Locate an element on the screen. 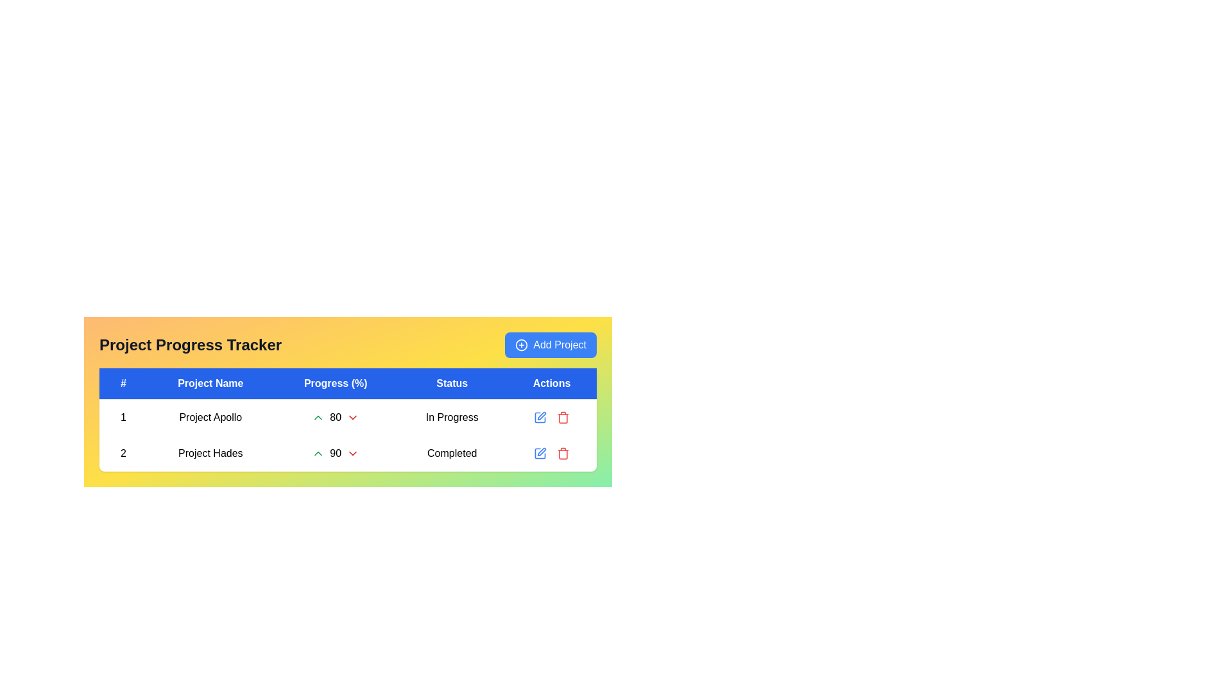 The image size is (1232, 693). the blue pencil icon in the 'Actions' column of the 'Project Progress Tracker' table is located at coordinates (551, 452).